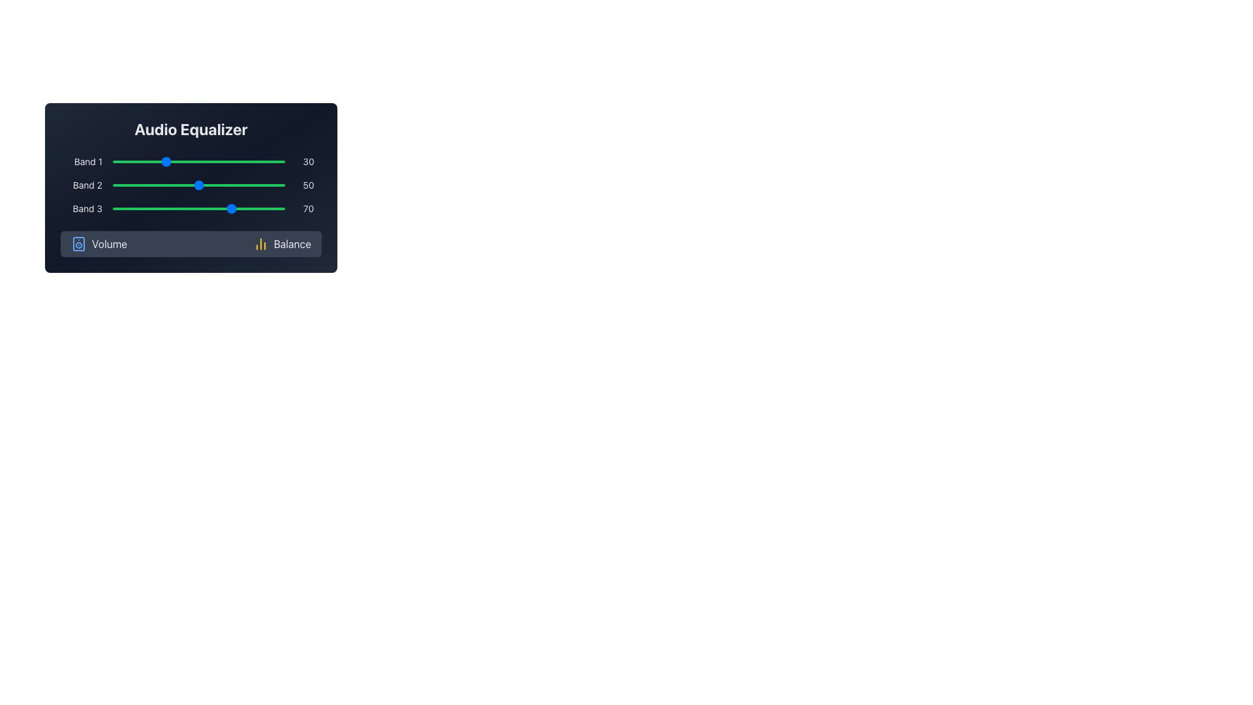 This screenshot has width=1253, height=705. Describe the element at coordinates (264, 185) in the screenshot. I see `the frequency slider` at that location.